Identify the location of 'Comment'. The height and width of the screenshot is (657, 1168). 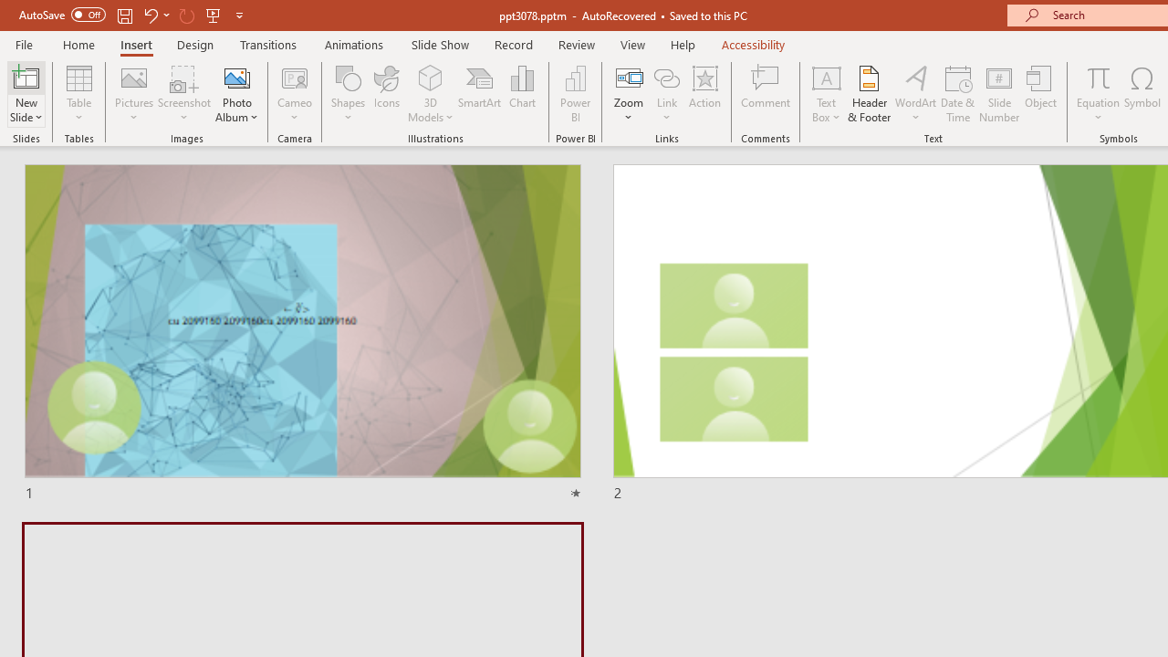
(766, 94).